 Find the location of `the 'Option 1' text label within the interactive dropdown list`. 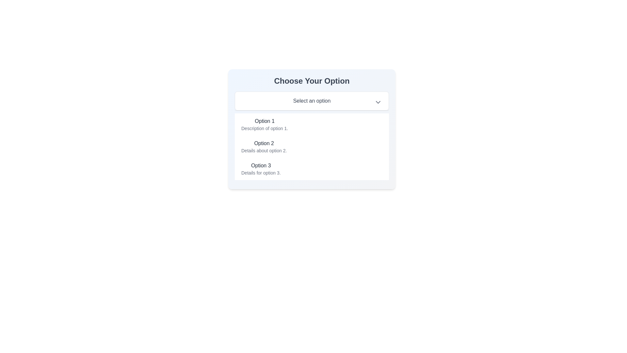

the 'Option 1' text label within the interactive dropdown list is located at coordinates (265, 121).